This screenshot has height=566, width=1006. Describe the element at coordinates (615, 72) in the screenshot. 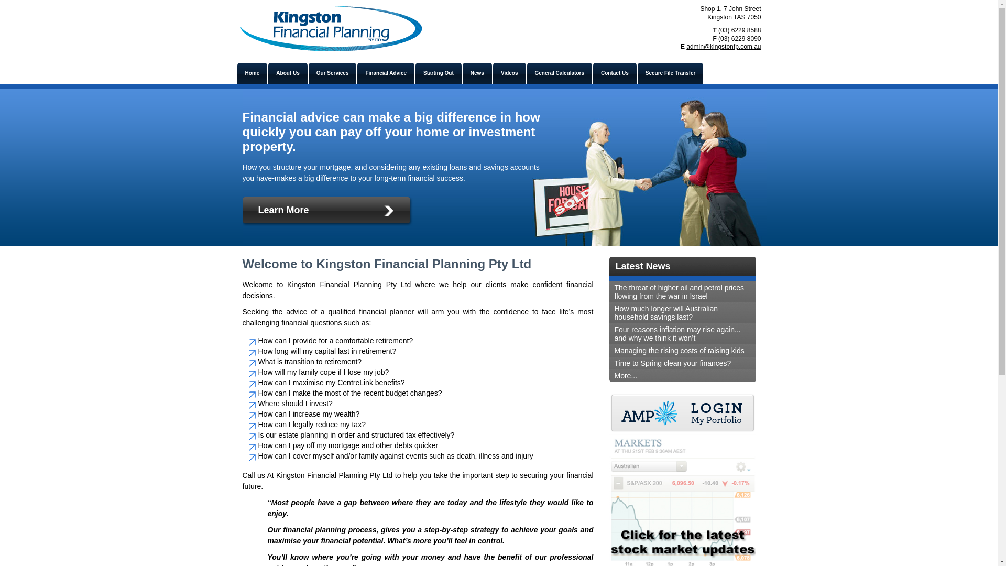

I see `'Contact Us'` at that location.